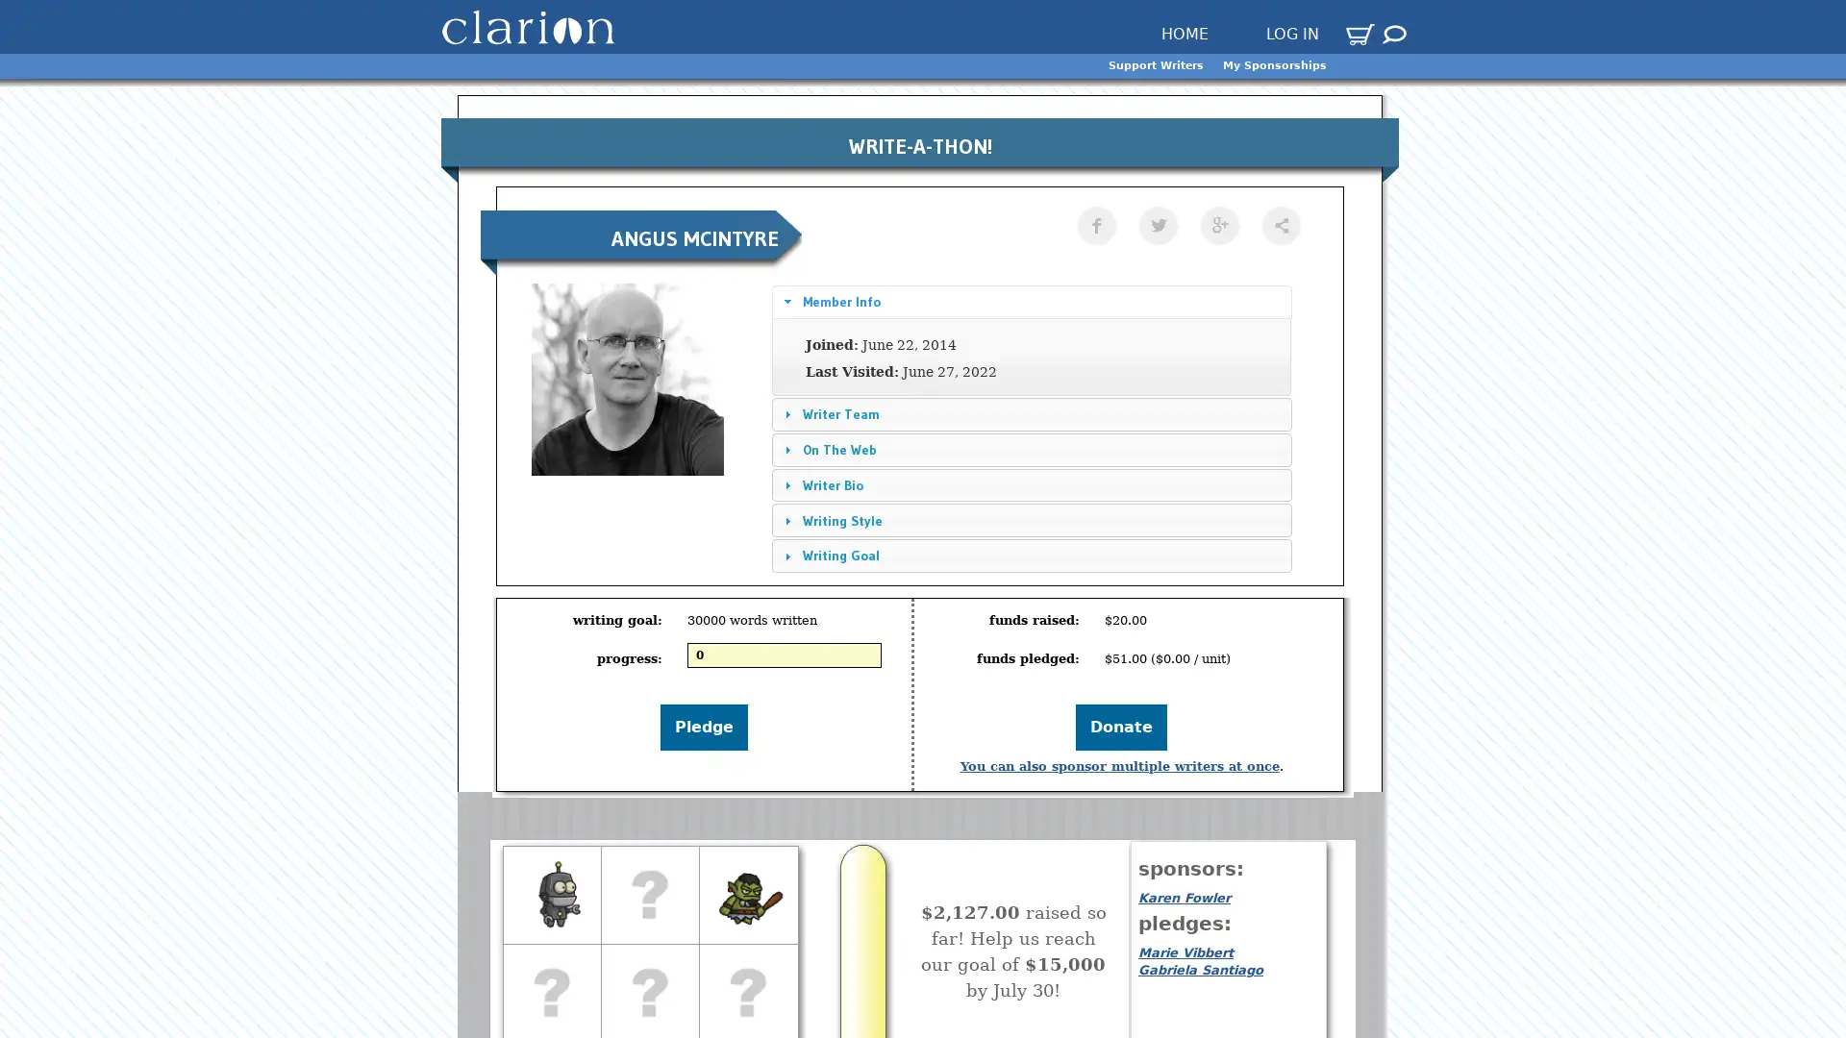  What do you see at coordinates (1121, 727) in the screenshot?
I see `Donate` at bounding box center [1121, 727].